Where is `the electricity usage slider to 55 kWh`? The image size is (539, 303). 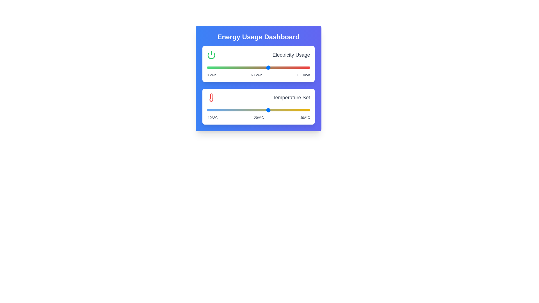
the electricity usage slider to 55 kWh is located at coordinates (263, 67).